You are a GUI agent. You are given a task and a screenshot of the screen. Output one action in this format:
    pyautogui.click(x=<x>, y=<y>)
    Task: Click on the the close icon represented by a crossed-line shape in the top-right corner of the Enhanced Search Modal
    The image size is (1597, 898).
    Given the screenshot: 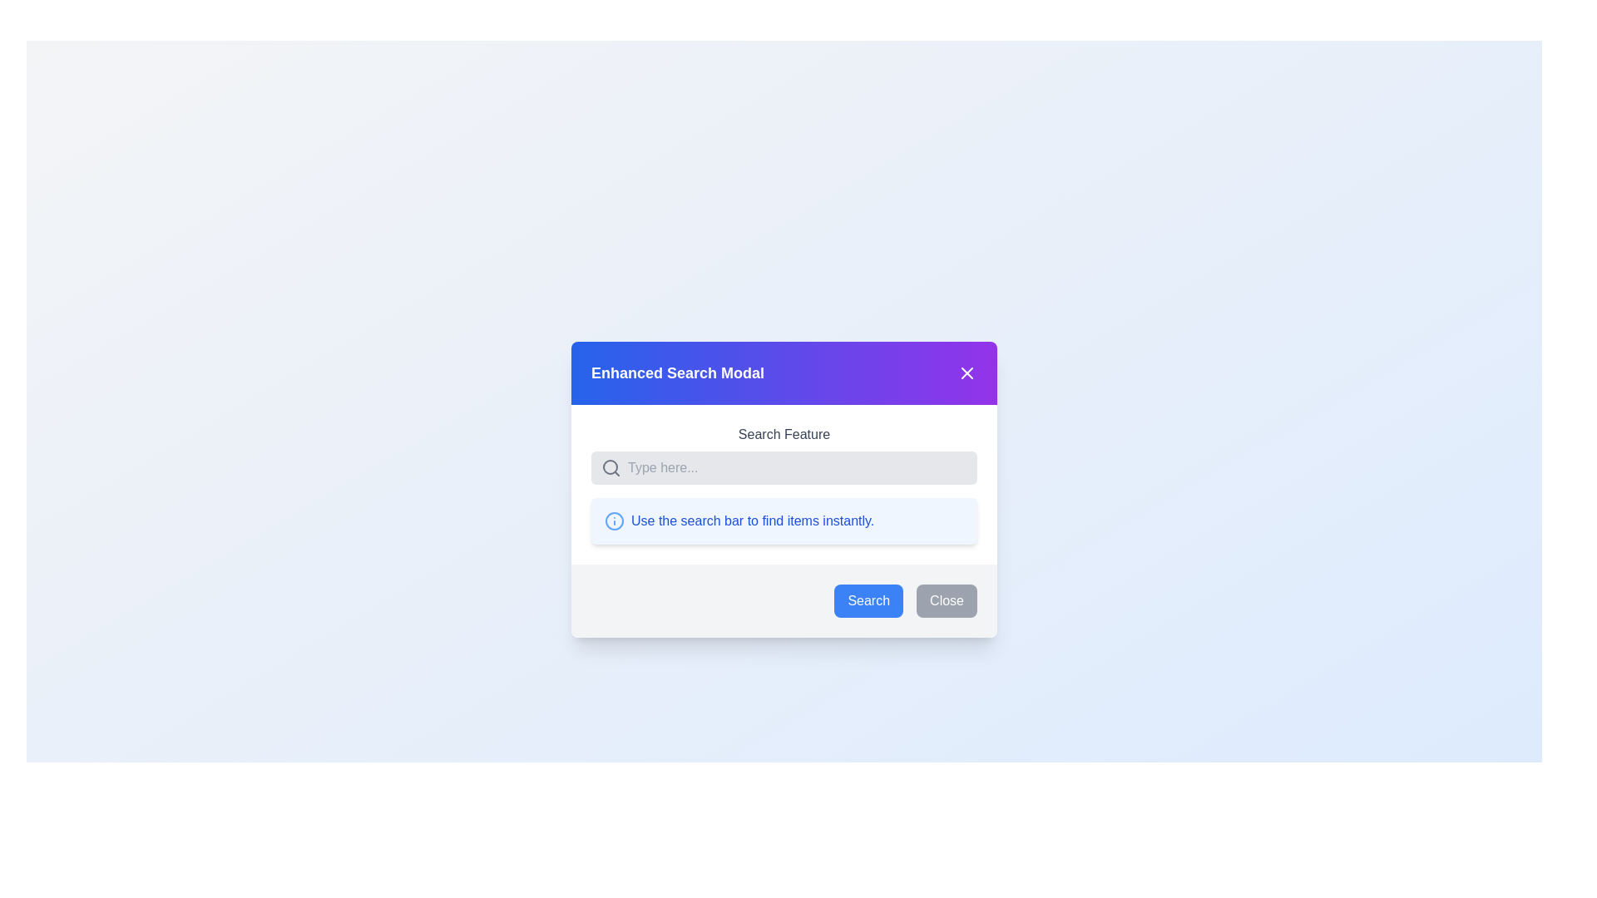 What is the action you would take?
    pyautogui.click(x=967, y=372)
    